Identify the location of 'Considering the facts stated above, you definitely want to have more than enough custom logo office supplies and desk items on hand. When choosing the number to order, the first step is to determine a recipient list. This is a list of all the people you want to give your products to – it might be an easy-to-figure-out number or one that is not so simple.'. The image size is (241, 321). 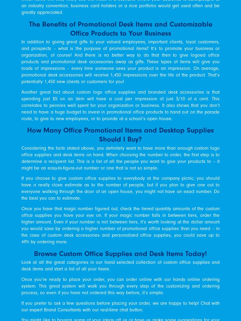
(21, 158).